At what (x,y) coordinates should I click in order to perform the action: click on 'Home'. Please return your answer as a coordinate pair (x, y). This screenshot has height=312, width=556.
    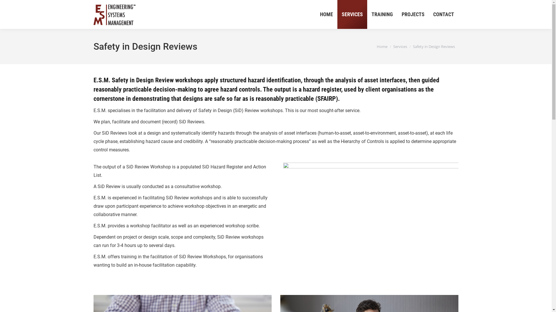
    Looking at the image, I should click on (382, 46).